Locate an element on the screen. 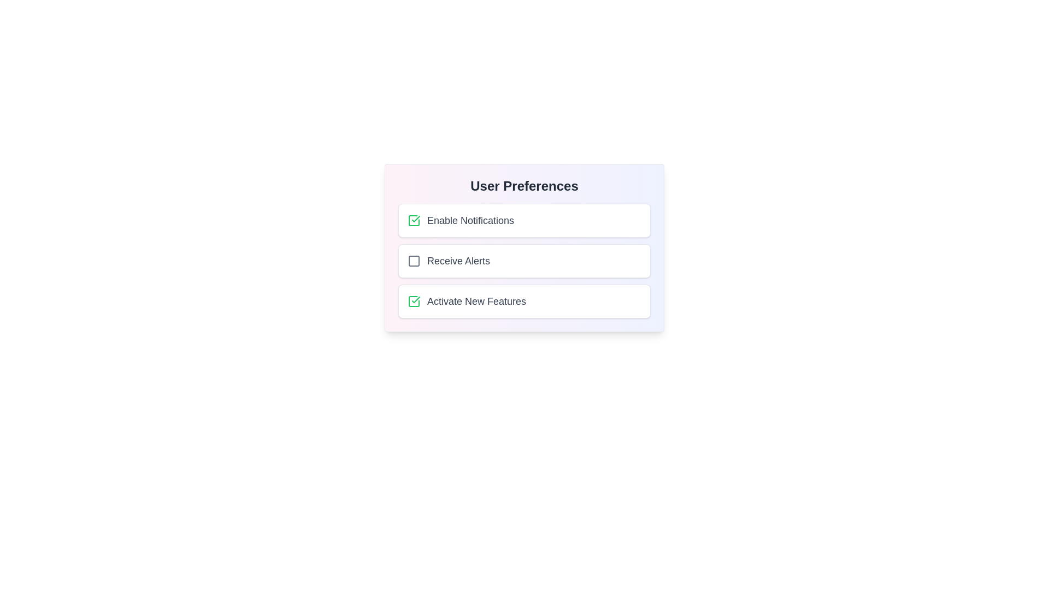 This screenshot has height=590, width=1049. the enabled notification option checkbox in the 'User Preferences' section to inspect or focus on it is located at coordinates (524, 221).